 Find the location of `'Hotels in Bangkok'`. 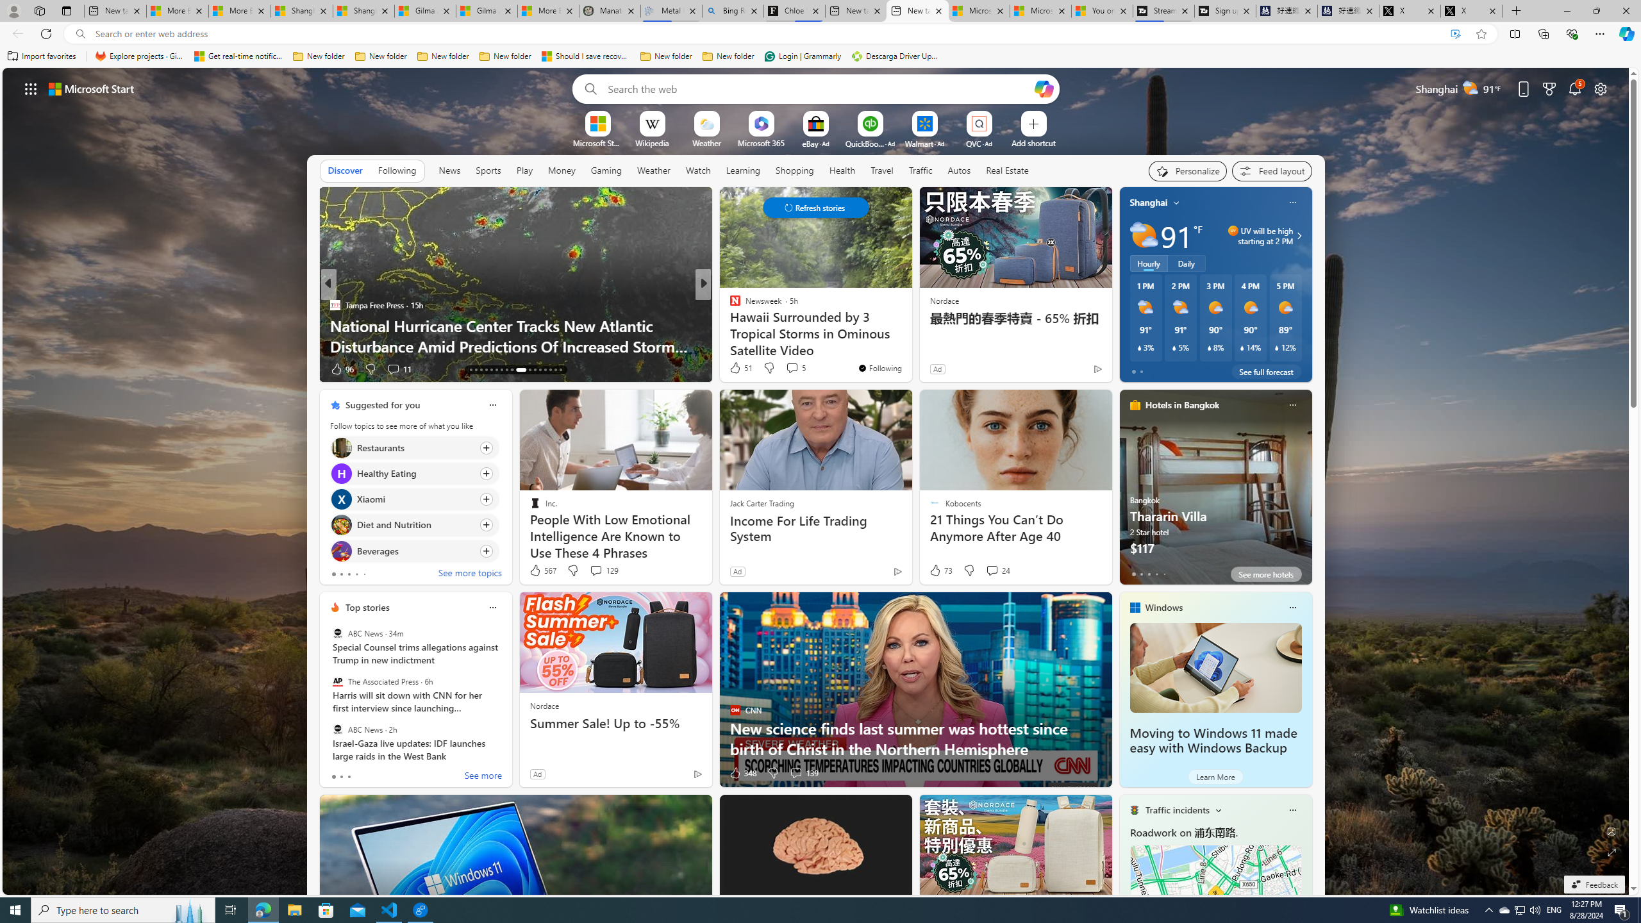

'Hotels in Bangkok' is located at coordinates (1181, 404).